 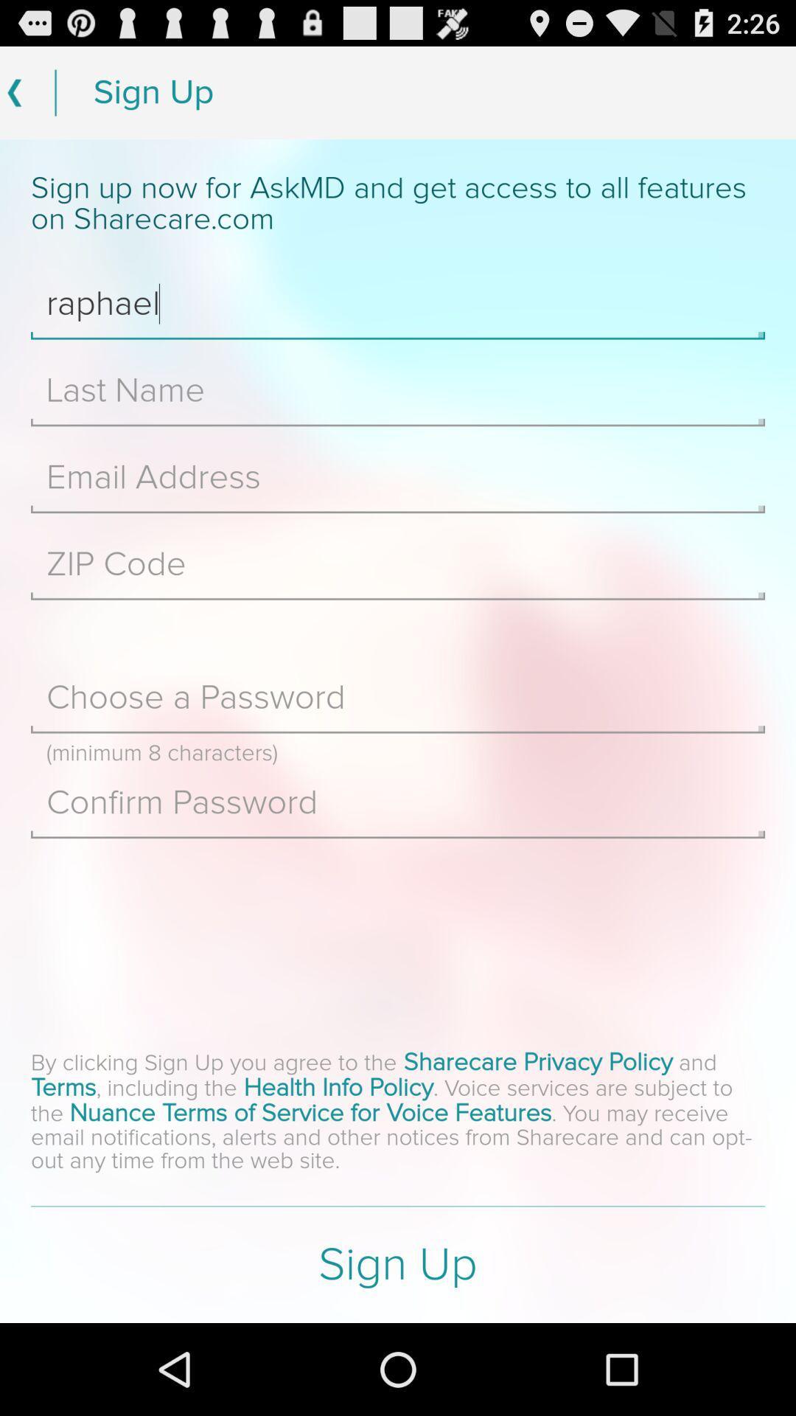 What do you see at coordinates (398, 390) in the screenshot?
I see `write last name` at bounding box center [398, 390].